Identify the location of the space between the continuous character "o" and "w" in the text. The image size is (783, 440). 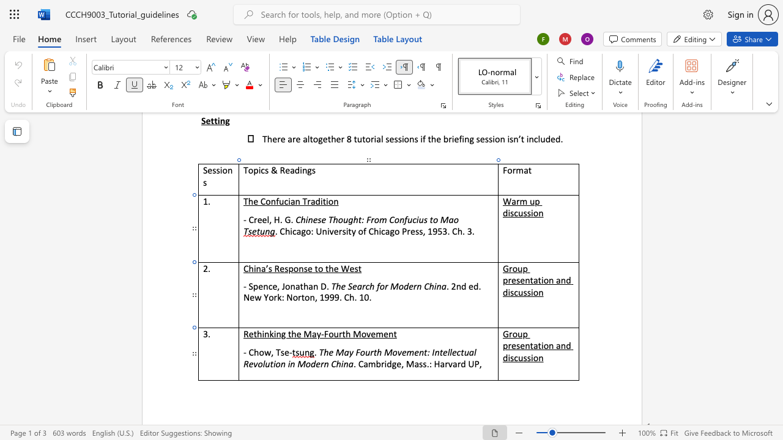
(264, 352).